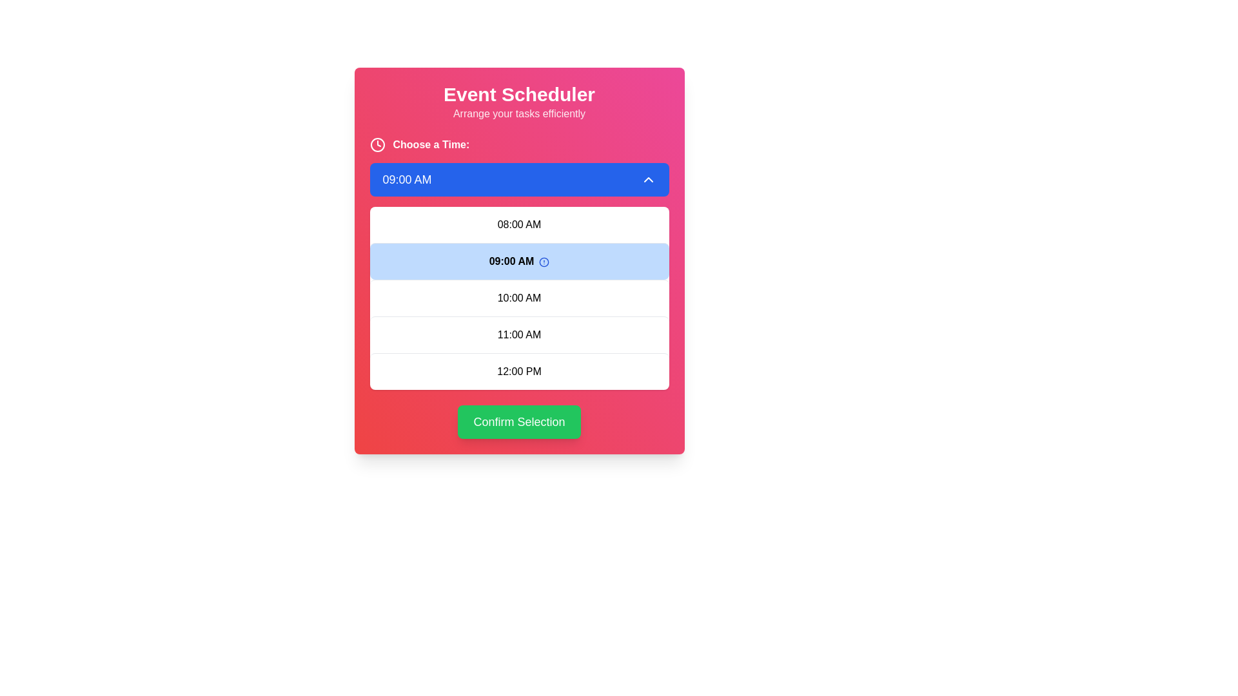  What do you see at coordinates (377, 144) in the screenshot?
I see `the time selection icon located to the left of the 'Choose a Time:' text label in the interface` at bounding box center [377, 144].